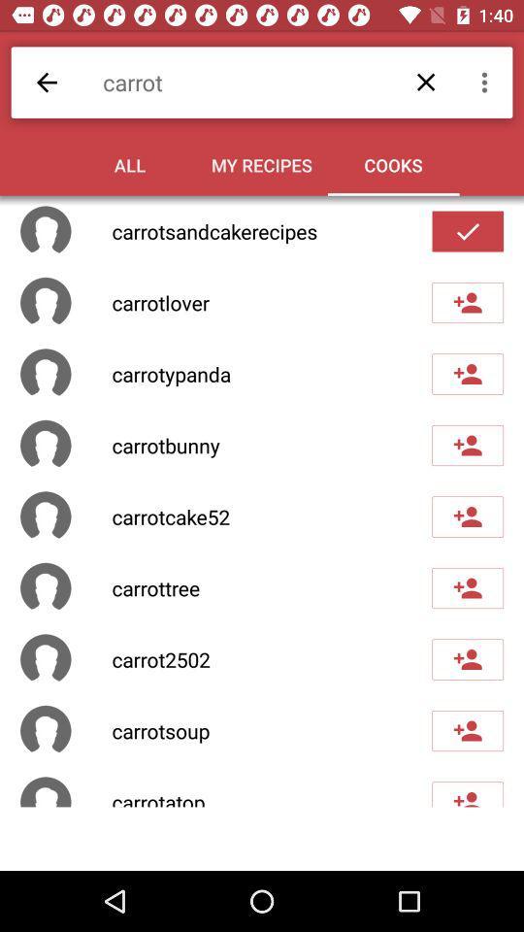  Describe the element at coordinates (46, 373) in the screenshot. I see `the icon which is left to the text carrotypanda` at that location.